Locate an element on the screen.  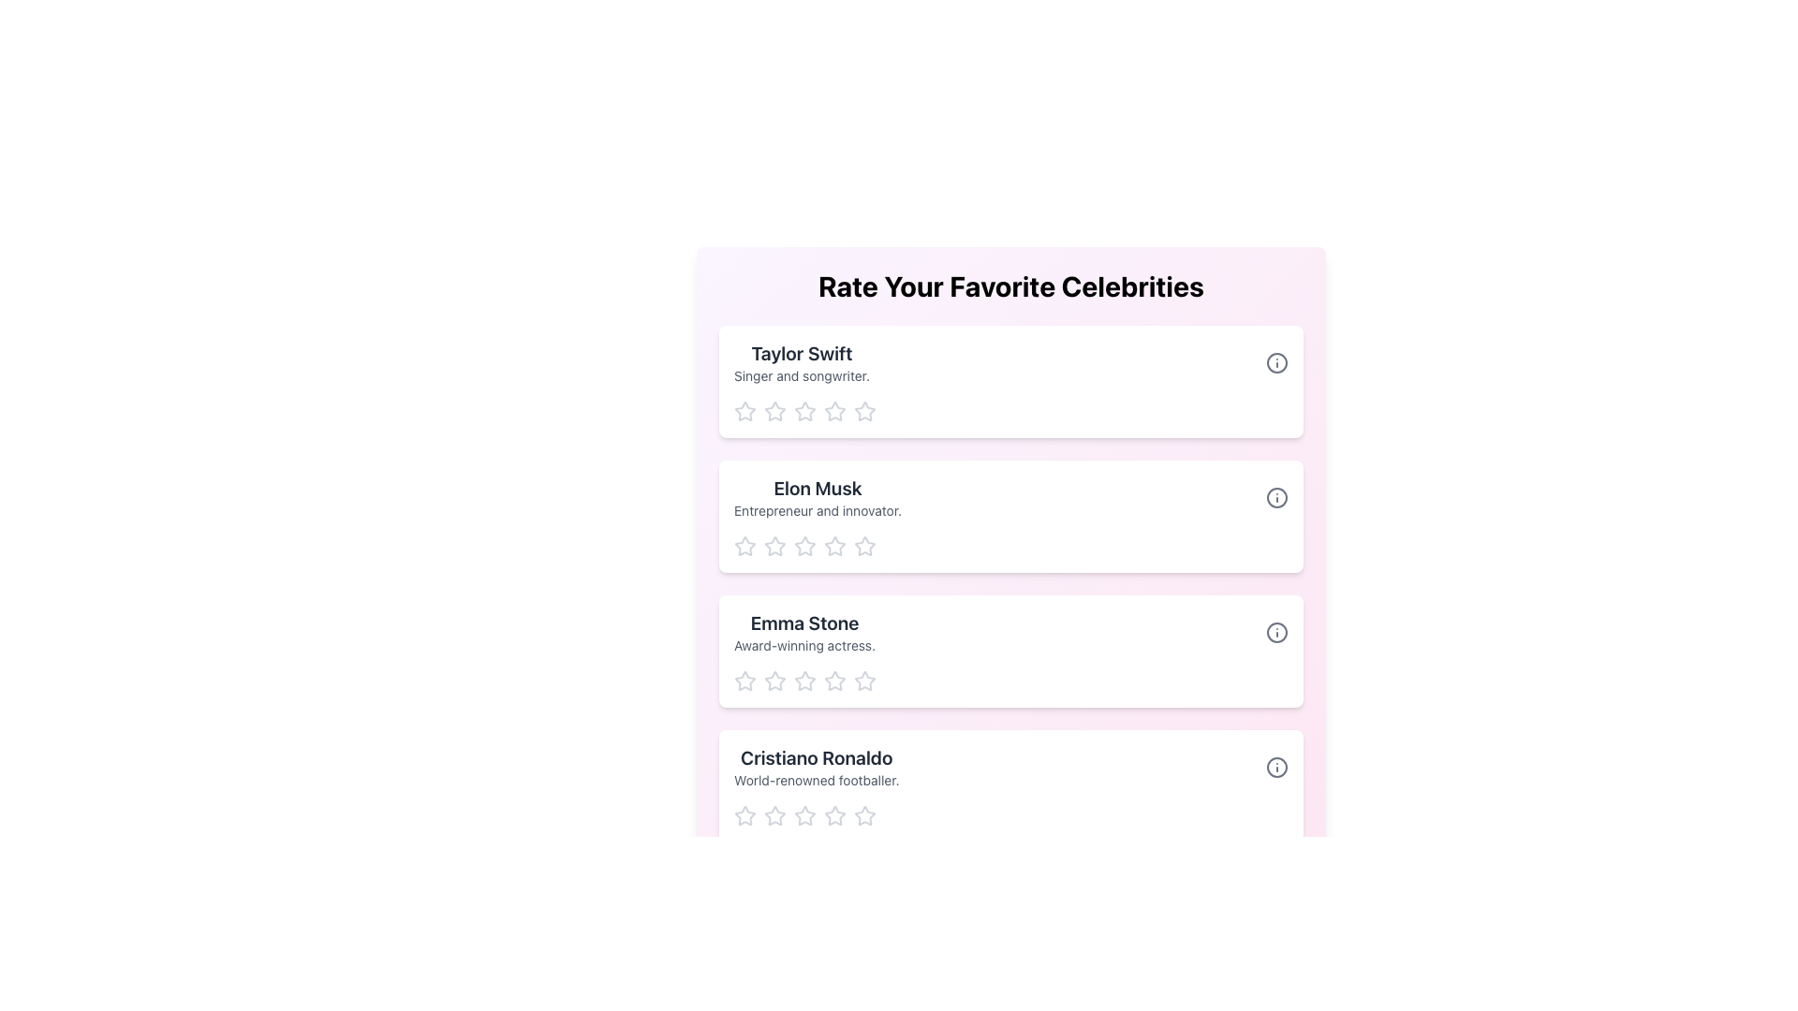
the third star icon in the rating section of the 'Taylor Swift' entry is located at coordinates (804, 410).